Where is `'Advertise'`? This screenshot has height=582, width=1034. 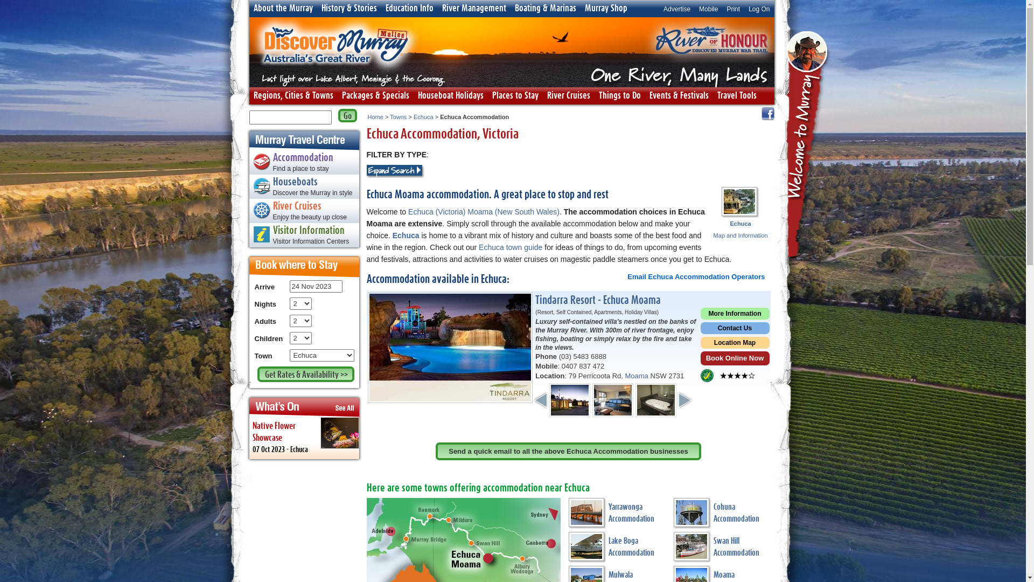
'Advertise' is located at coordinates (676, 8).